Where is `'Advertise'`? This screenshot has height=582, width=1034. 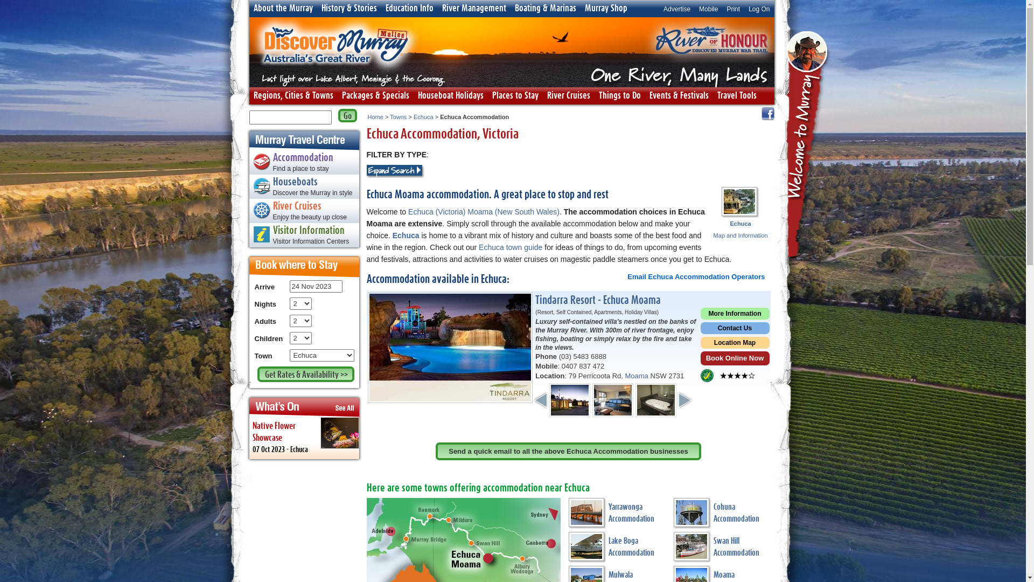
'Advertise' is located at coordinates (676, 8).